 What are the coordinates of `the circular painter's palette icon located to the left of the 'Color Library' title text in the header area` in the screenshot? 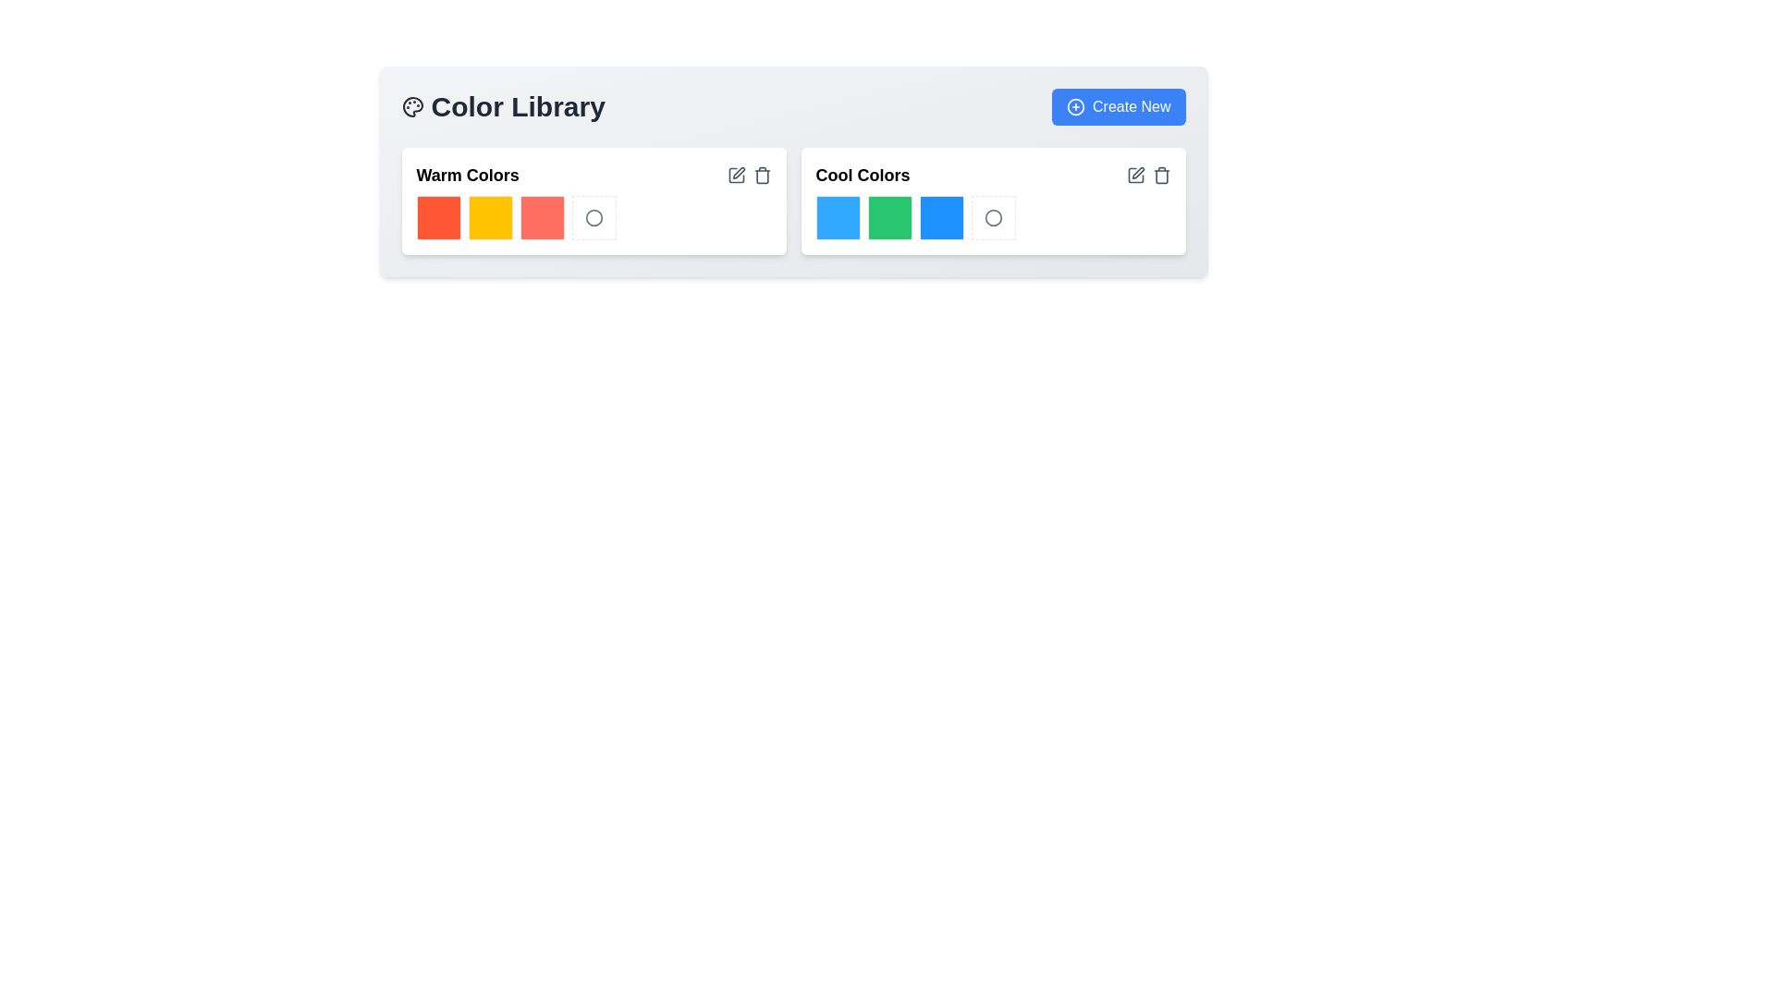 It's located at (411, 106).